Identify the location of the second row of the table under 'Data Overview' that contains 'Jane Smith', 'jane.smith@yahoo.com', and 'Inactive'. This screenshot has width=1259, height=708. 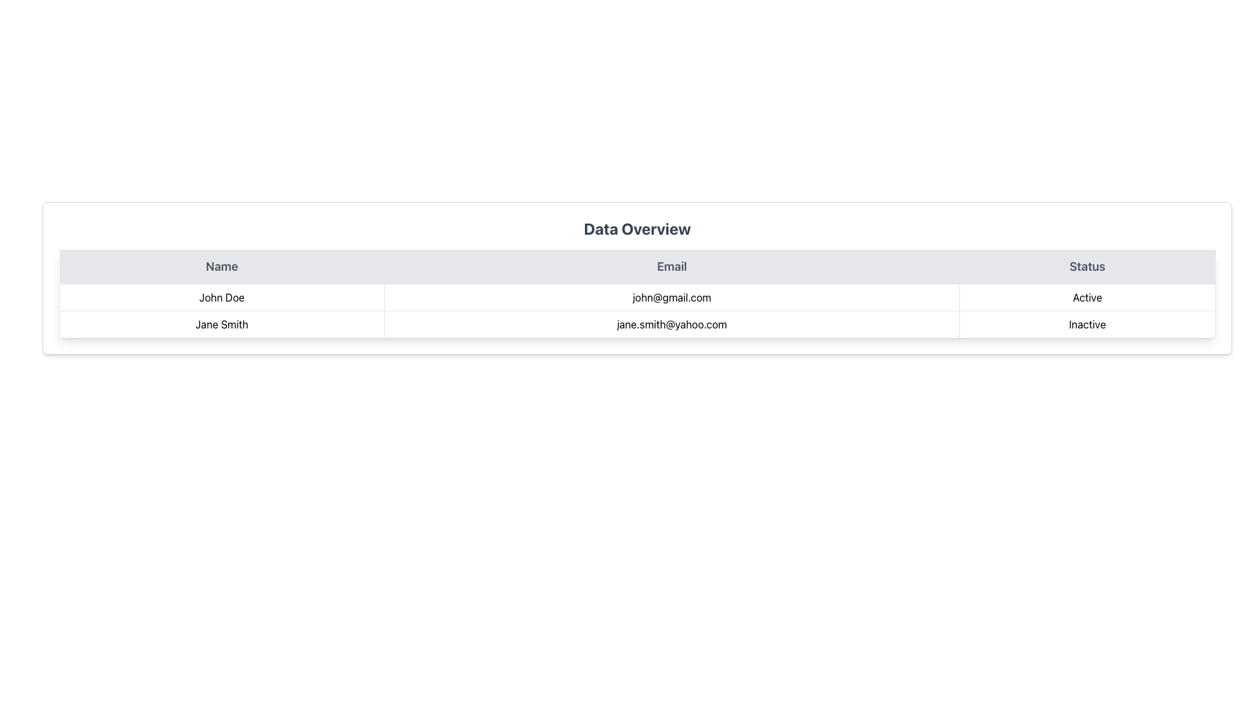
(637, 324).